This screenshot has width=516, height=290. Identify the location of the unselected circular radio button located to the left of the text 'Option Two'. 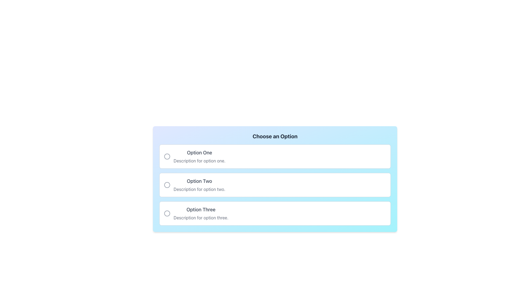
(167, 185).